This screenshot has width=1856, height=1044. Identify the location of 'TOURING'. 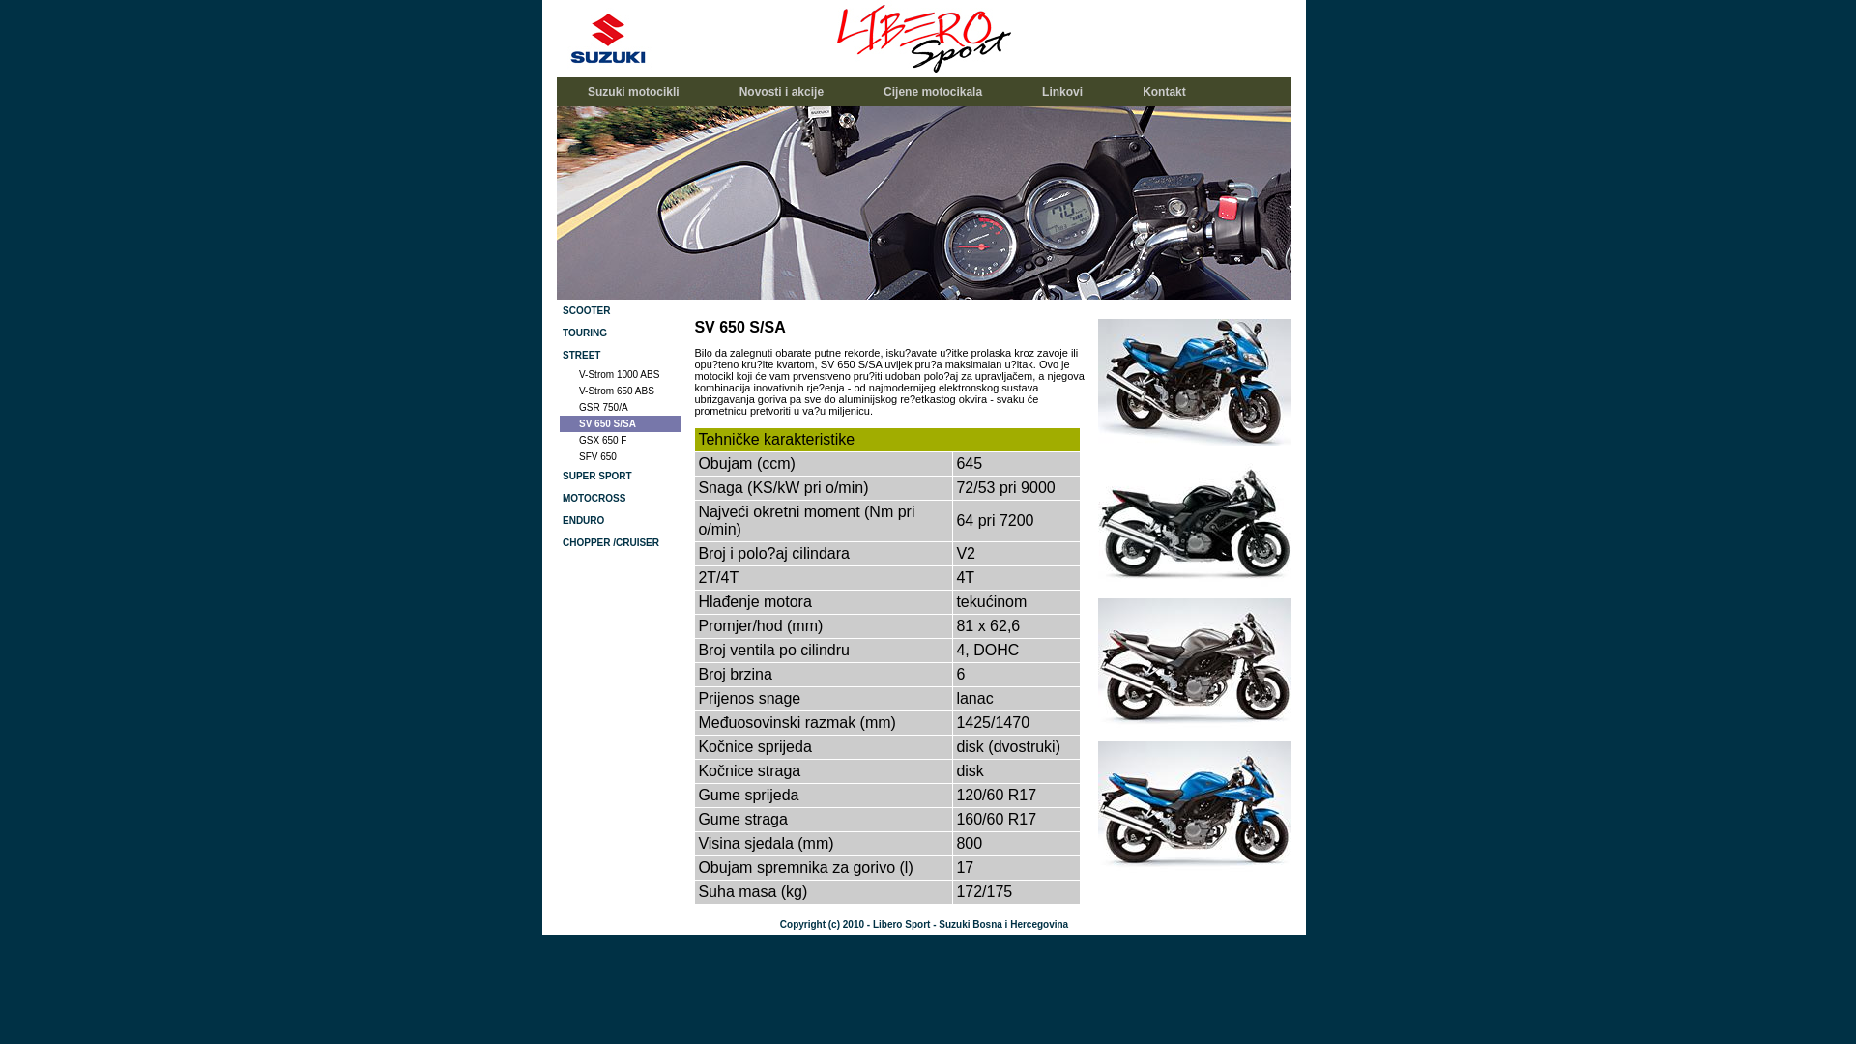
(621, 332).